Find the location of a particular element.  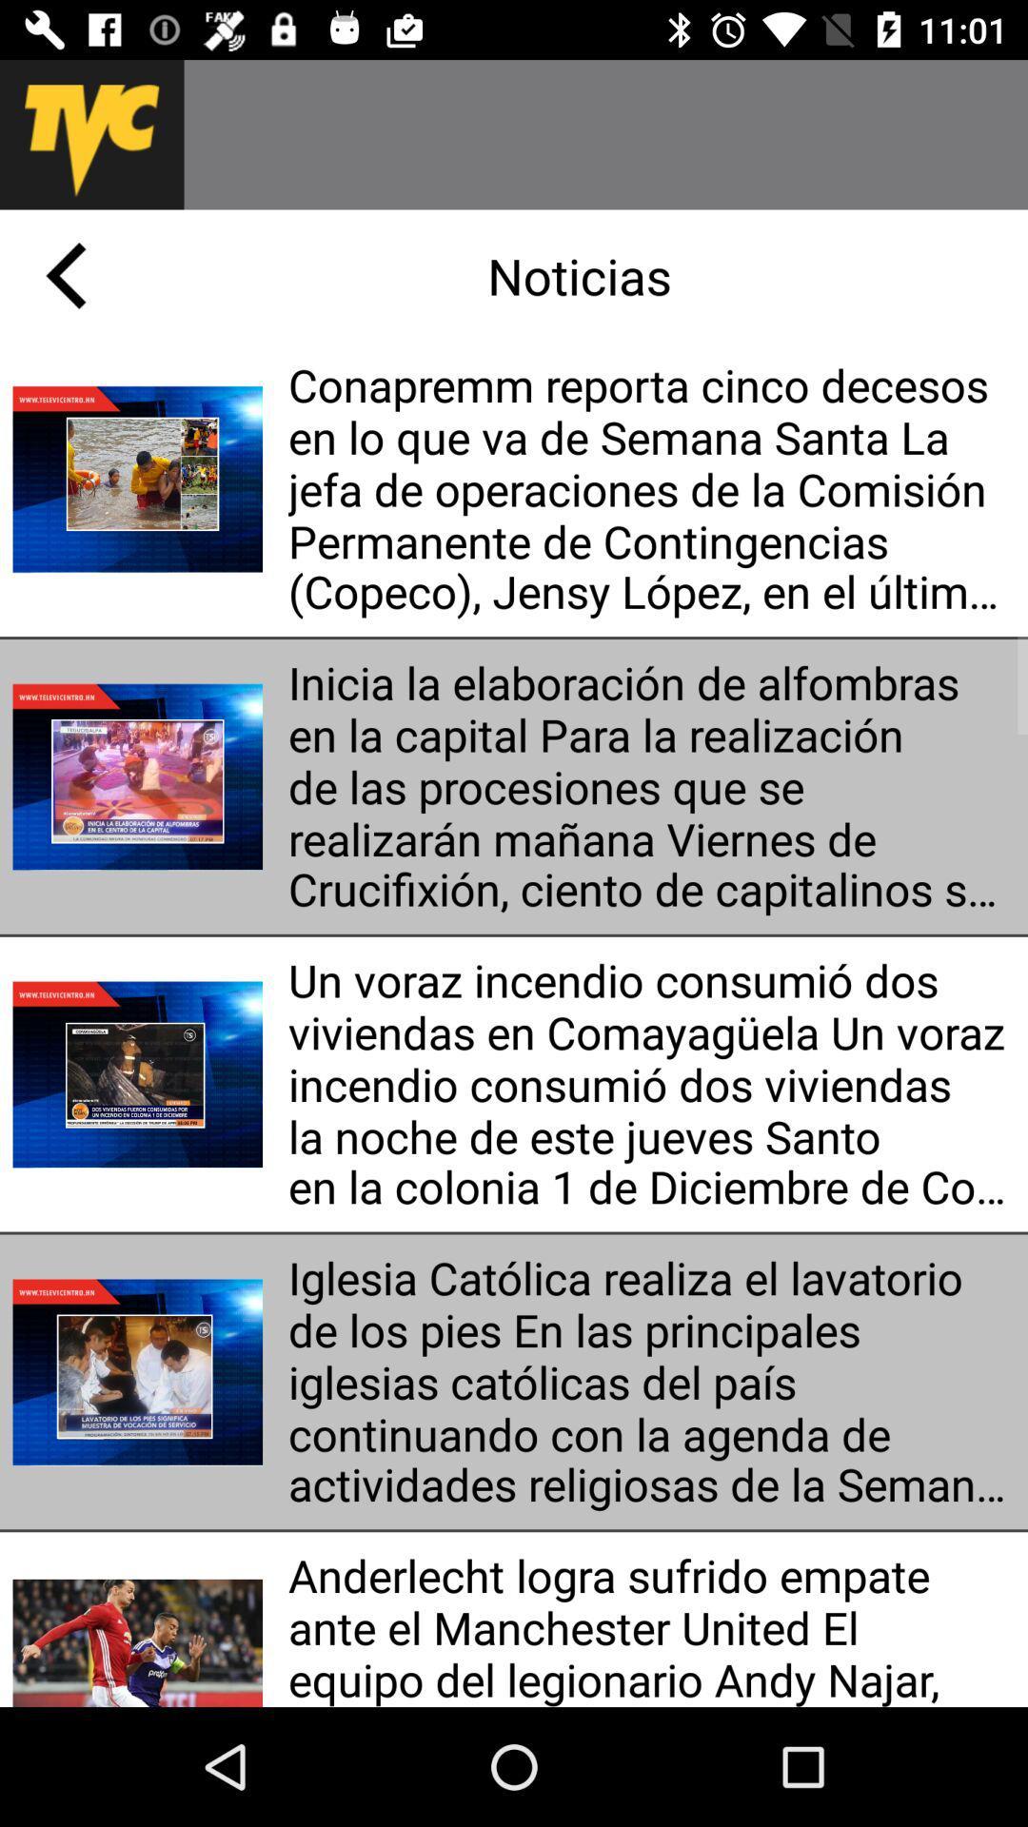

item above the anderlecht logra sufrido is located at coordinates (650, 1382).